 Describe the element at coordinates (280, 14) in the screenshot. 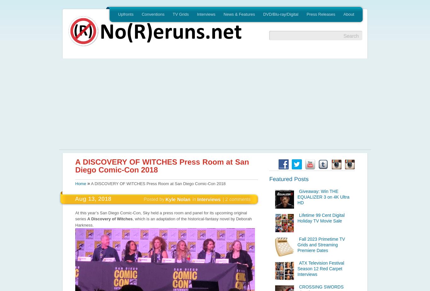

I see `'DVD/Blu-ray/Digital'` at that location.